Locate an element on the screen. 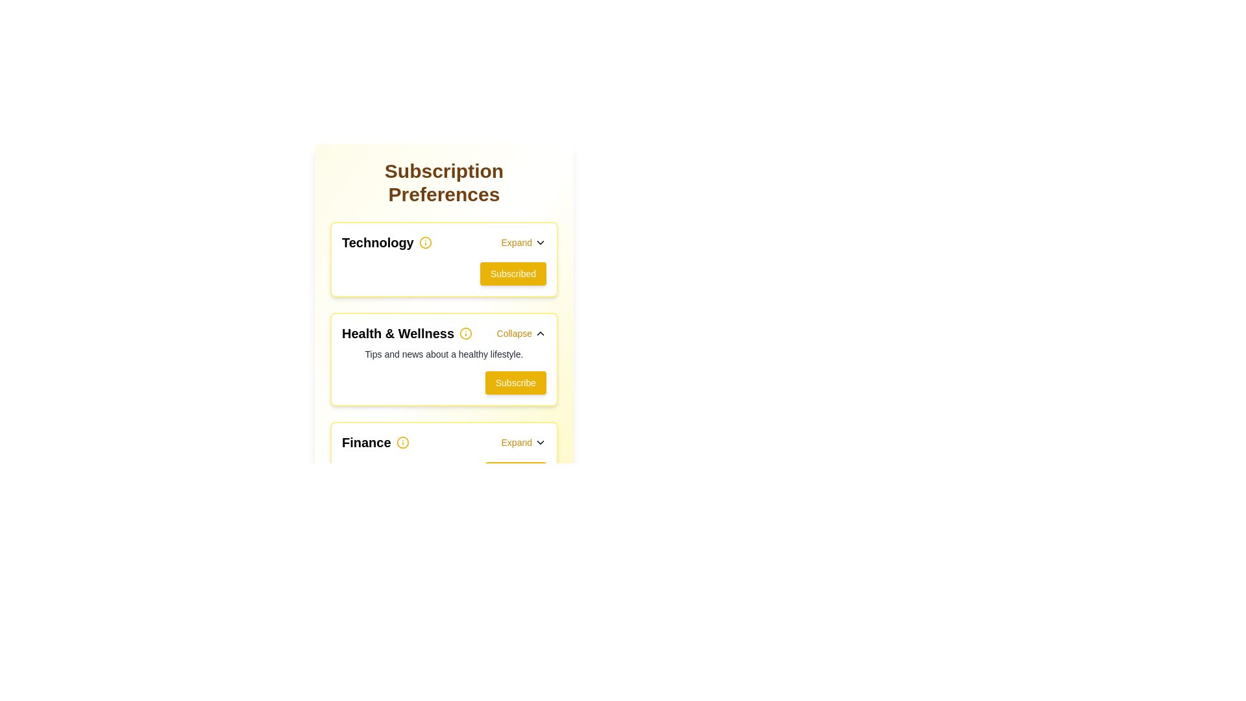  informational indicator icon located in the 'Health & Wellness' section, which is positioned to the right of the section's title and before the collapse toggle, to gather additional details is located at coordinates (466, 332).